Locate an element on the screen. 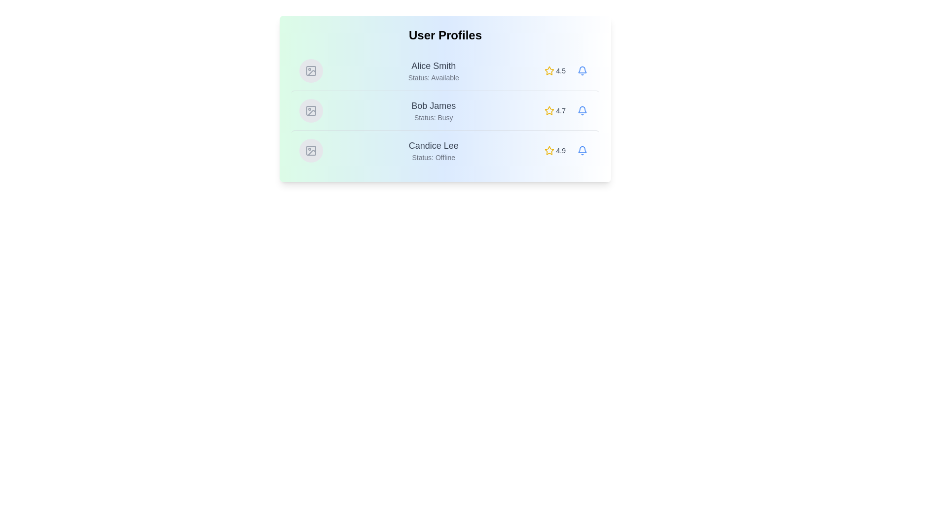 The width and height of the screenshot is (947, 532). the popularity score of Bob James to view their popularity details is located at coordinates (554, 110).